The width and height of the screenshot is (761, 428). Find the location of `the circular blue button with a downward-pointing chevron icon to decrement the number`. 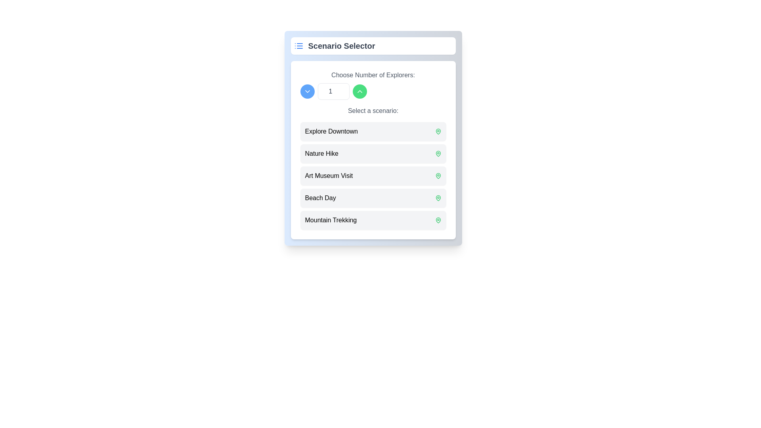

the circular blue button with a downward-pointing chevron icon to decrement the number is located at coordinates (307, 91).